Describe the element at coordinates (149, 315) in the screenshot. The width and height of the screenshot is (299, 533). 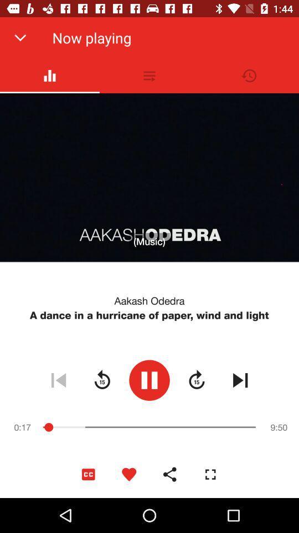
I see `the black color text which is below aakash odedra` at that location.